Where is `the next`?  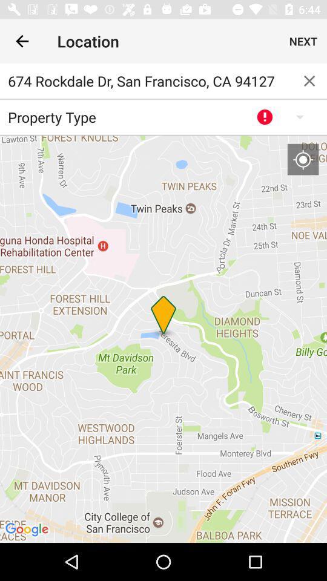
the next is located at coordinates (303, 41).